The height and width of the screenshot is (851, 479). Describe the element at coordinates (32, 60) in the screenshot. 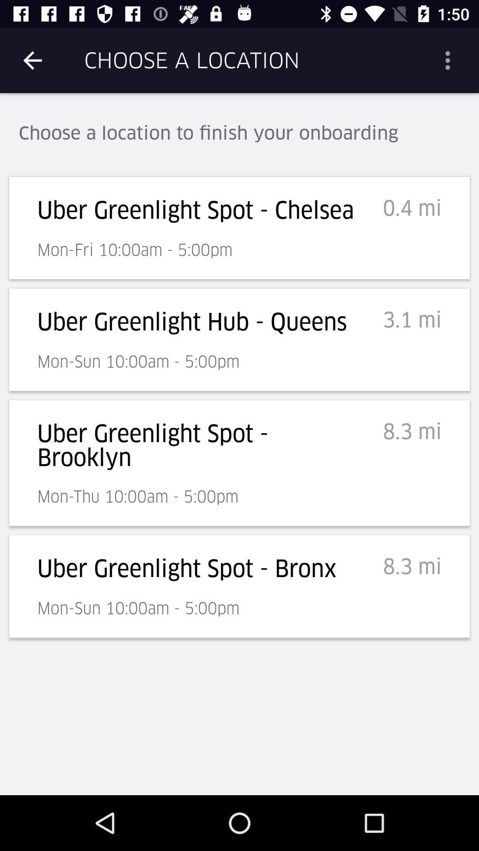

I see `the icon above the choose a location item` at that location.